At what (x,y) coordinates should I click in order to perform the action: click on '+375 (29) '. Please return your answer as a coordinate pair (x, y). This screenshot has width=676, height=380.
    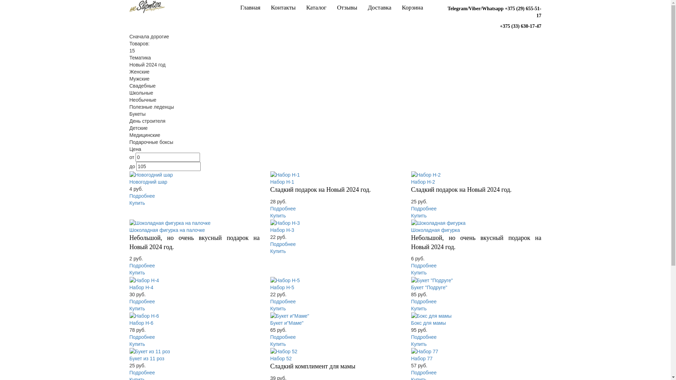
    Looking at the image, I should click on (505, 8).